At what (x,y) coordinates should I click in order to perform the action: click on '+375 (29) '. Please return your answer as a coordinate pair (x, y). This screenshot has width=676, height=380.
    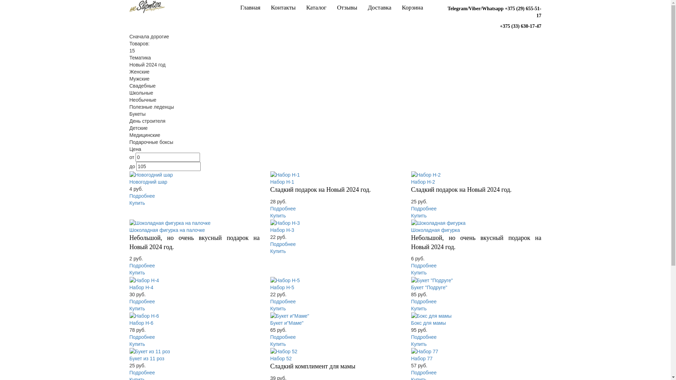
    Looking at the image, I should click on (505, 8).